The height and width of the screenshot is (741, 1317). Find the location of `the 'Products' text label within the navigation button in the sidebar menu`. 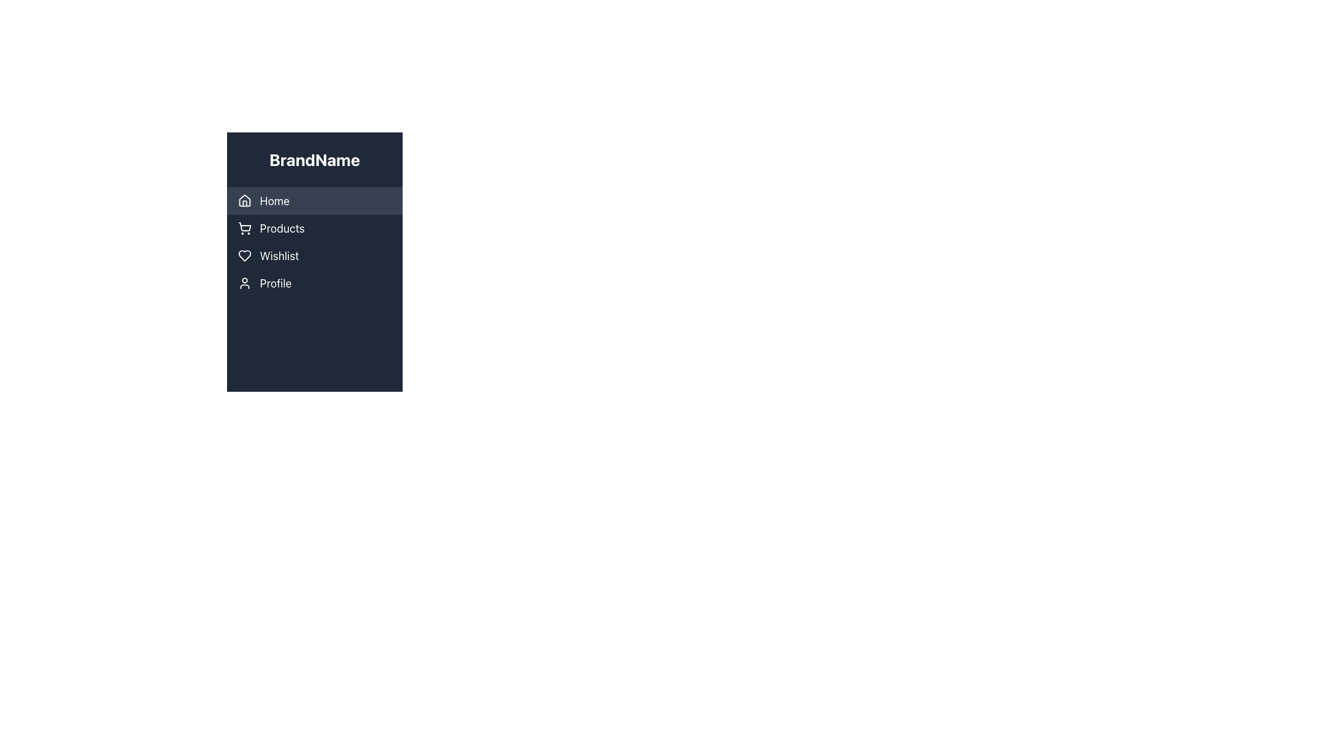

the 'Products' text label within the navigation button in the sidebar menu is located at coordinates (281, 227).